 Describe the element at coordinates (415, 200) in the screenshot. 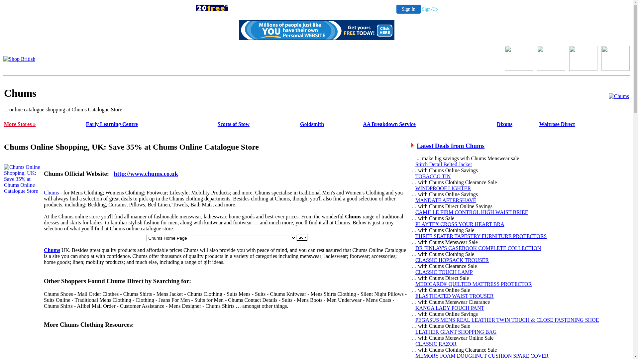

I see `'MANDATE AFTERSHAVE'` at that location.